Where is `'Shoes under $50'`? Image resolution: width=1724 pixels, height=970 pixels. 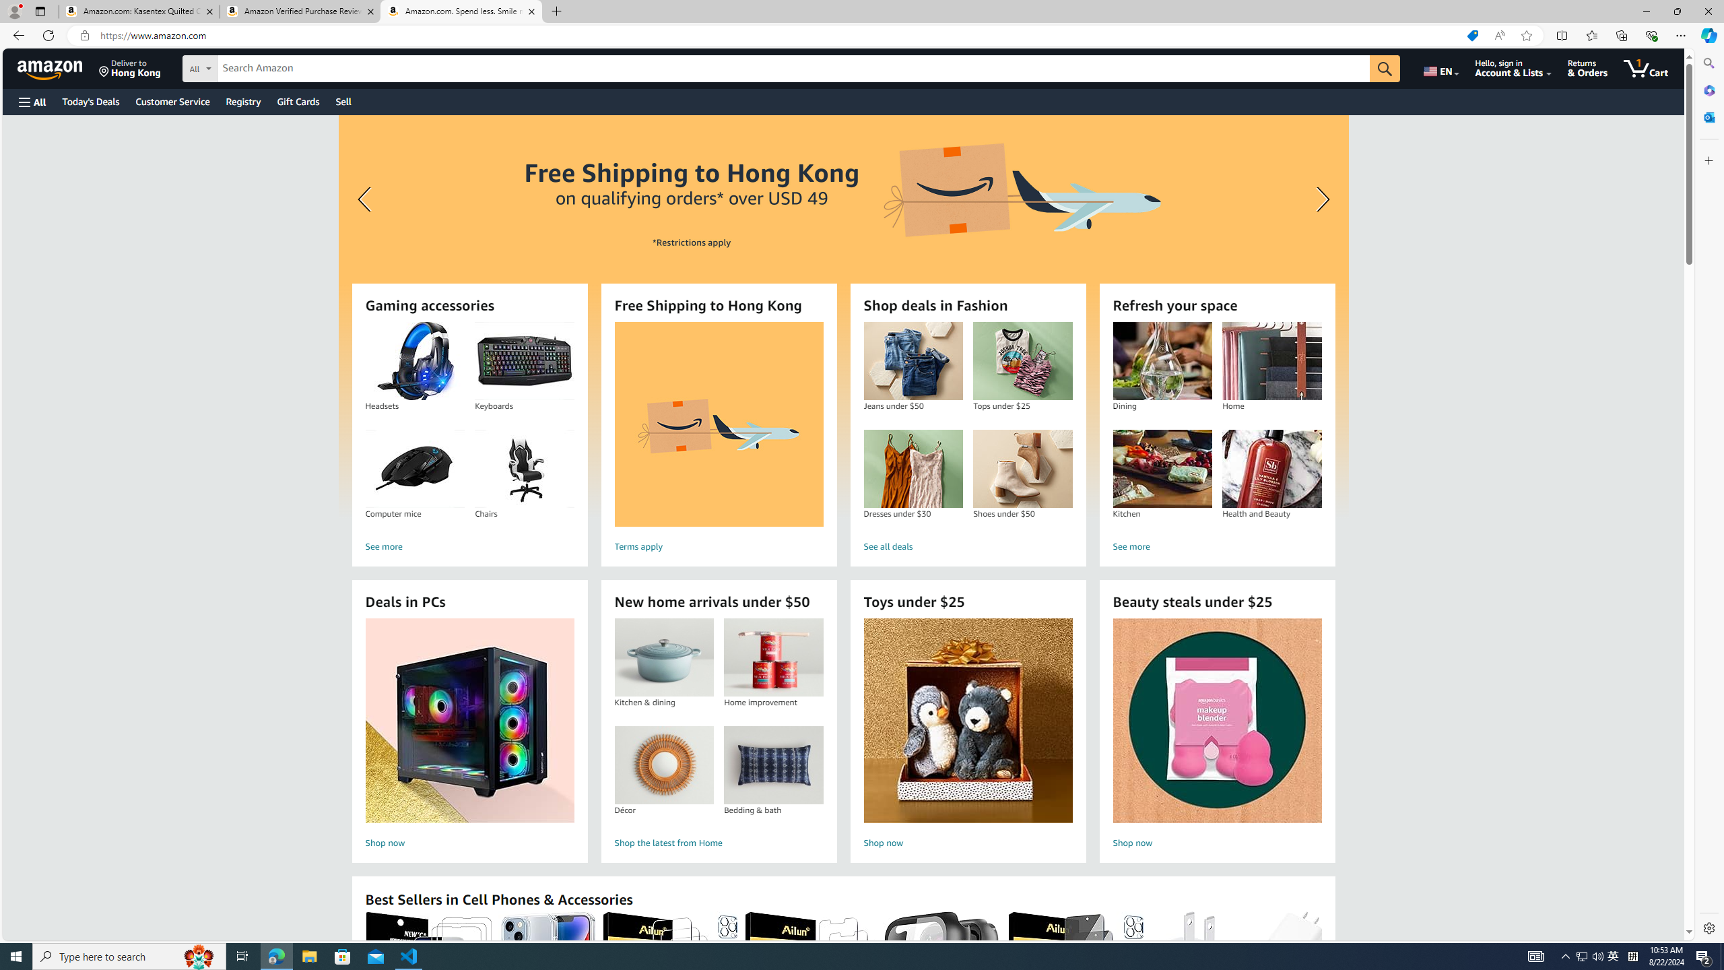
'Shoes under $50' is located at coordinates (1022, 469).